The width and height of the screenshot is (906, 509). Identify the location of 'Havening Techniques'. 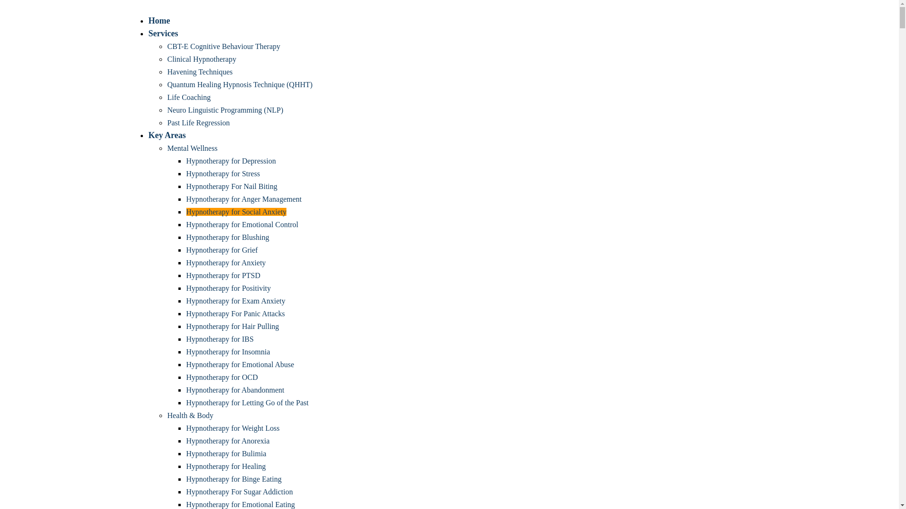
(199, 71).